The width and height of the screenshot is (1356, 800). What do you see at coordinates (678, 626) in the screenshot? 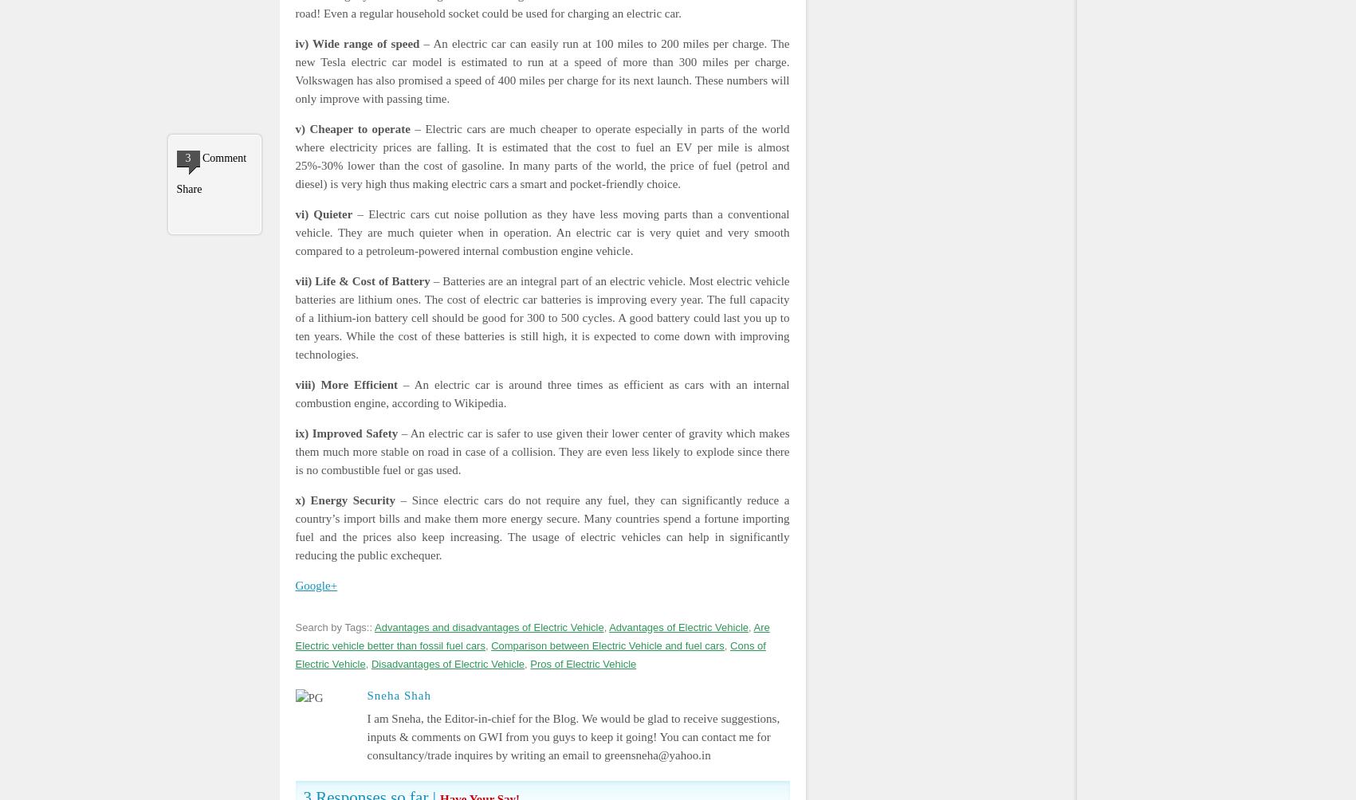
I see `'Advantages of Electric Vehicle'` at bounding box center [678, 626].